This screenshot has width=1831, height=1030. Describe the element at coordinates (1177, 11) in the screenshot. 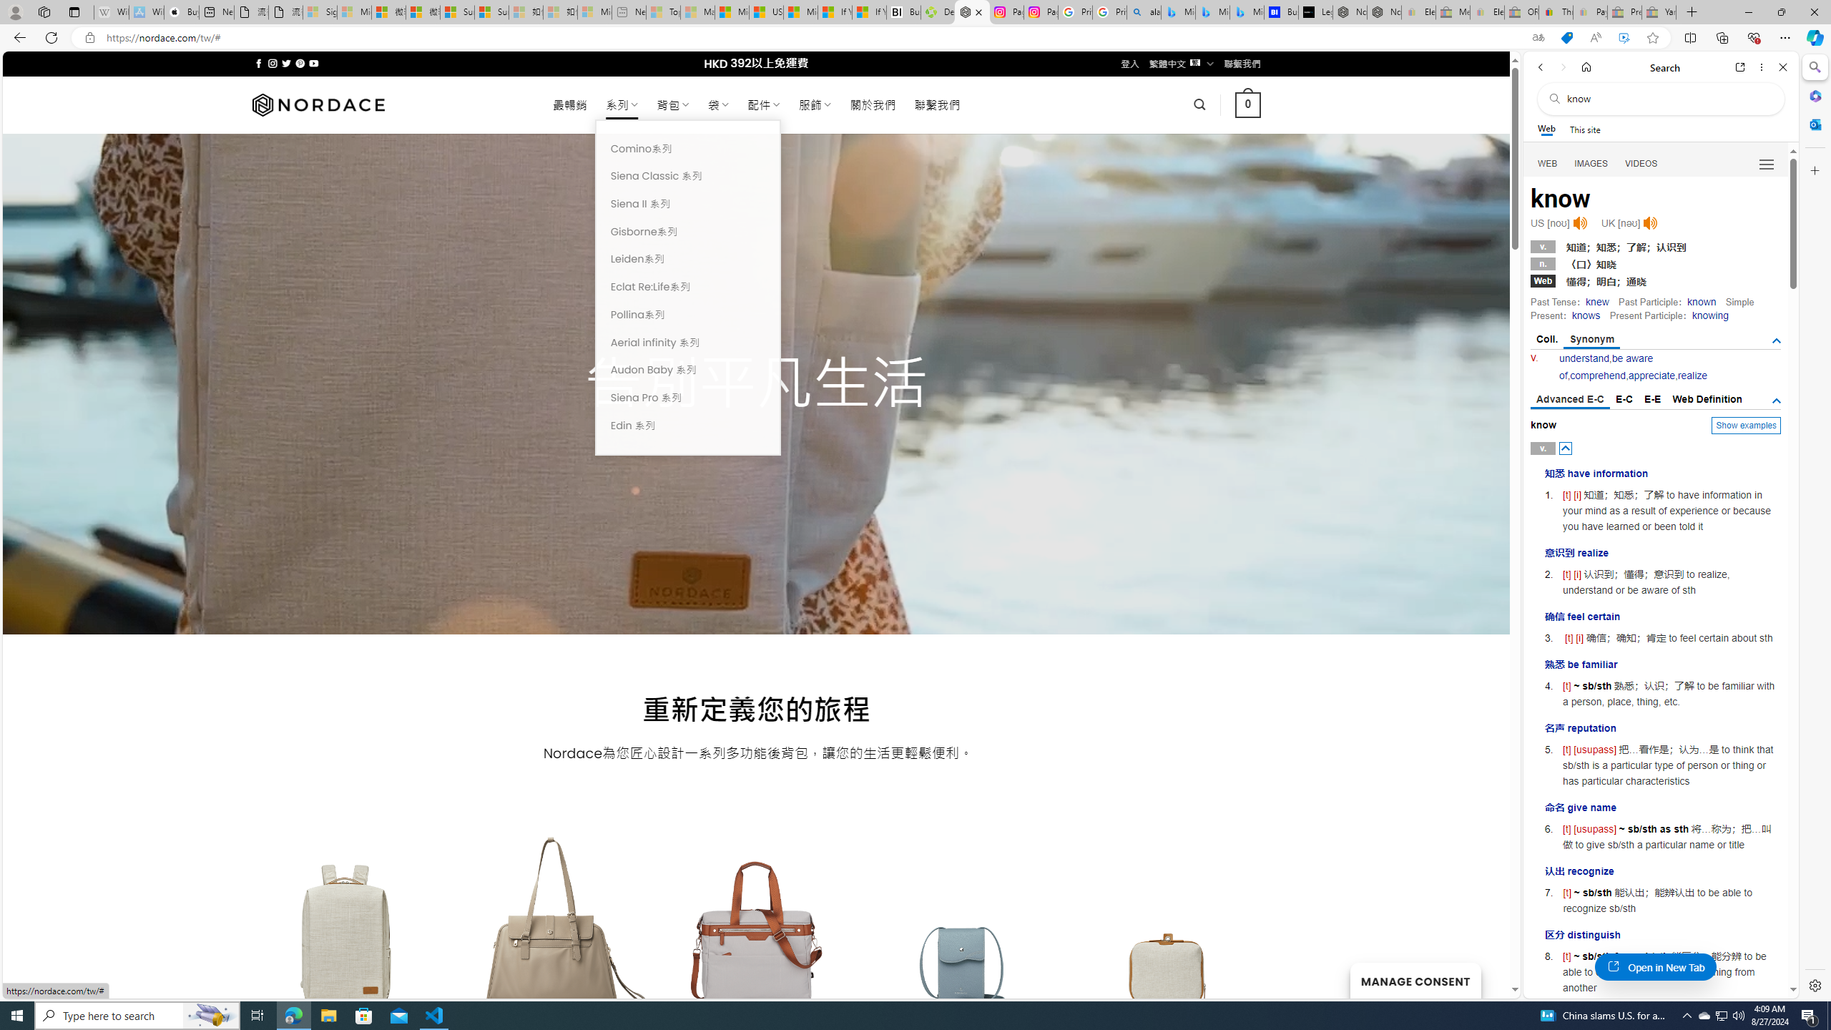

I see `'Microsoft Bing Travel - Flights from Hong Kong to Bangkok'` at that location.